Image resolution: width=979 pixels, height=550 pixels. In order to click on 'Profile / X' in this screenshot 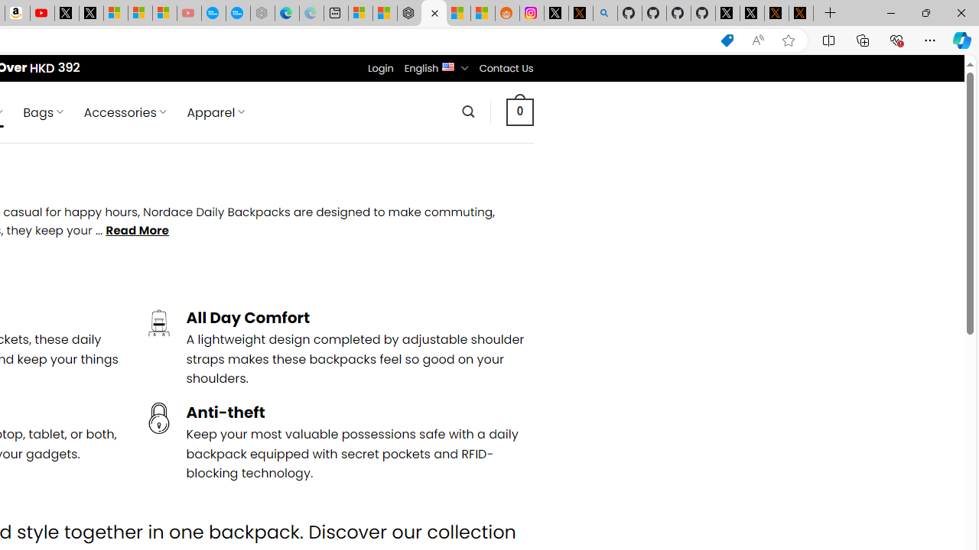, I will do `click(727, 13)`.